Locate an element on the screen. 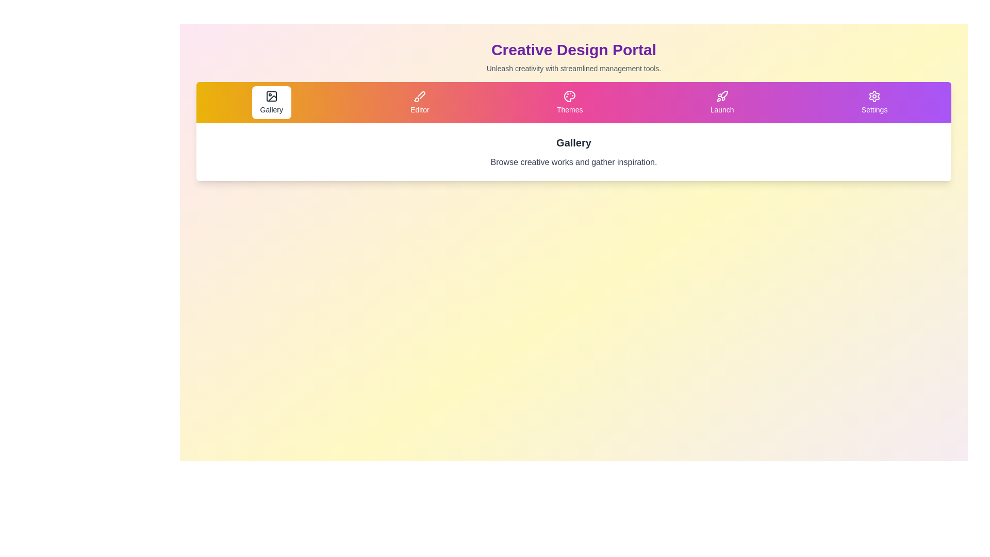 The height and width of the screenshot is (557, 990). prominently styled text element labeled 'Gallery' which is positioned at the top section of the interface is located at coordinates (573, 143).